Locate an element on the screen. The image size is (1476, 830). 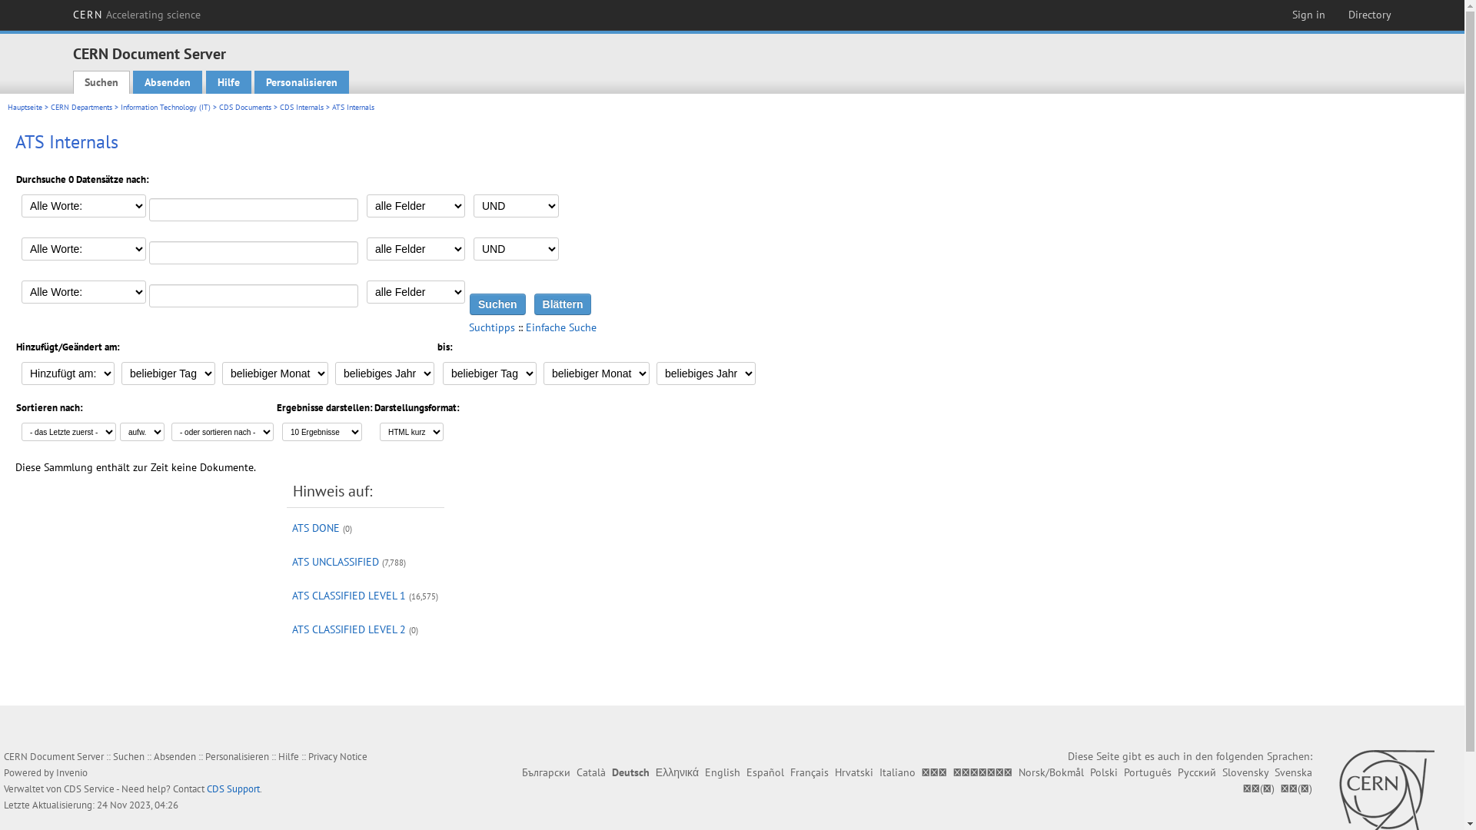
'Absenden' is located at coordinates (167, 82).